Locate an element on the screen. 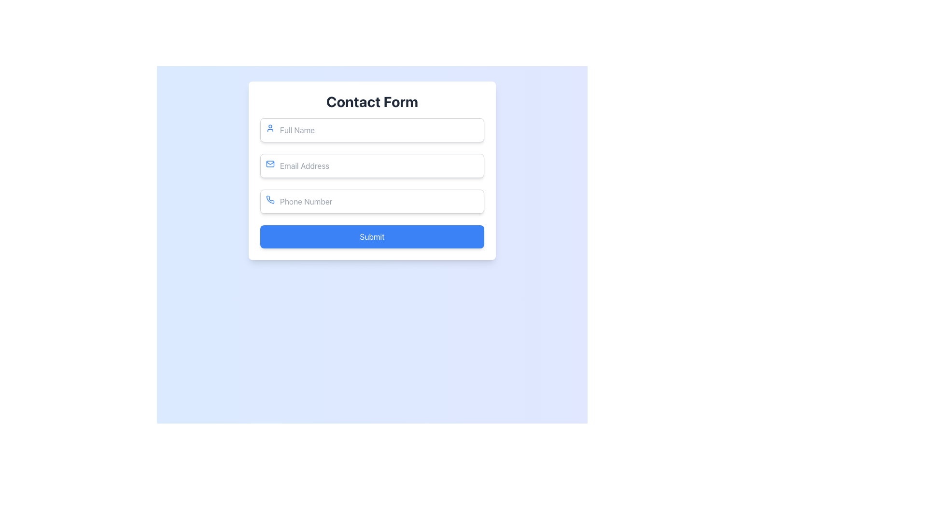 The height and width of the screenshot is (521, 927). the blue phone receiver icon located near the top-left of the 'Phone Number' input field in the contact form is located at coordinates (270, 199).